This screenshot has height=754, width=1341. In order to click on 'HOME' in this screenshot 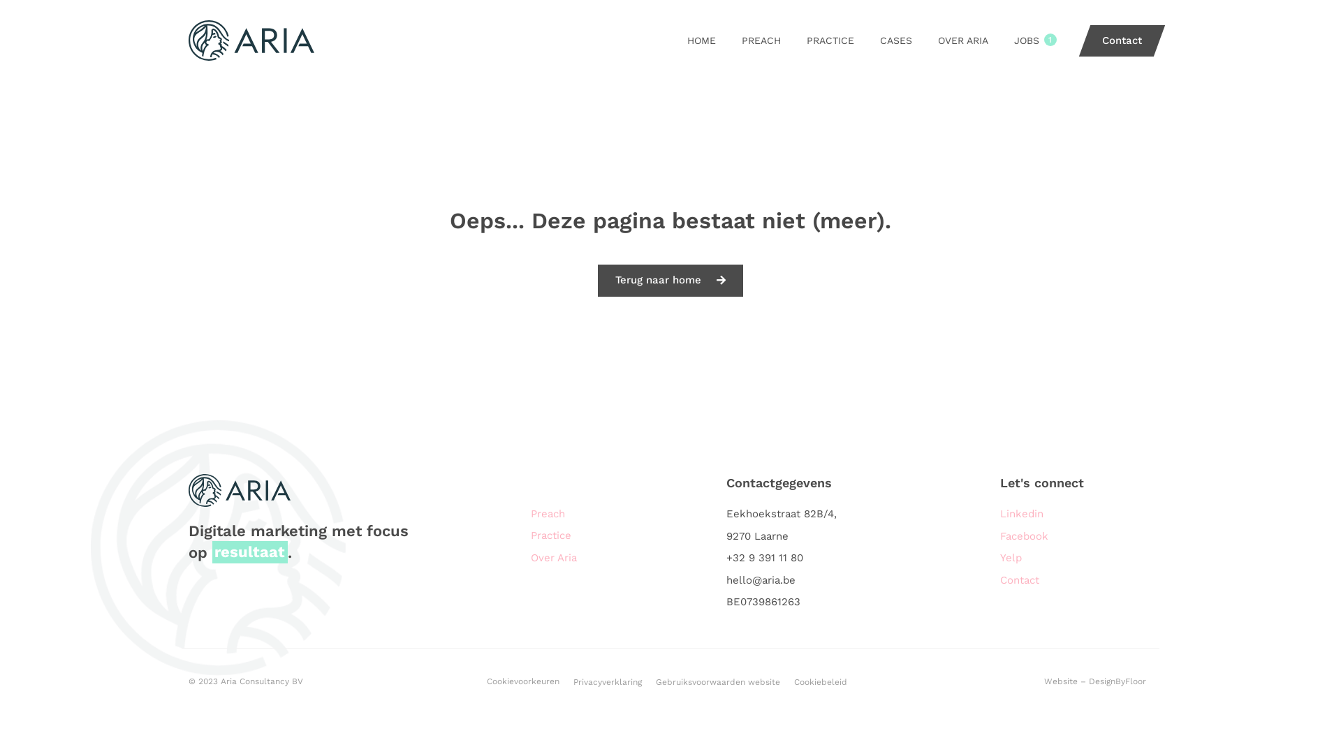, I will do `click(701, 39)`.